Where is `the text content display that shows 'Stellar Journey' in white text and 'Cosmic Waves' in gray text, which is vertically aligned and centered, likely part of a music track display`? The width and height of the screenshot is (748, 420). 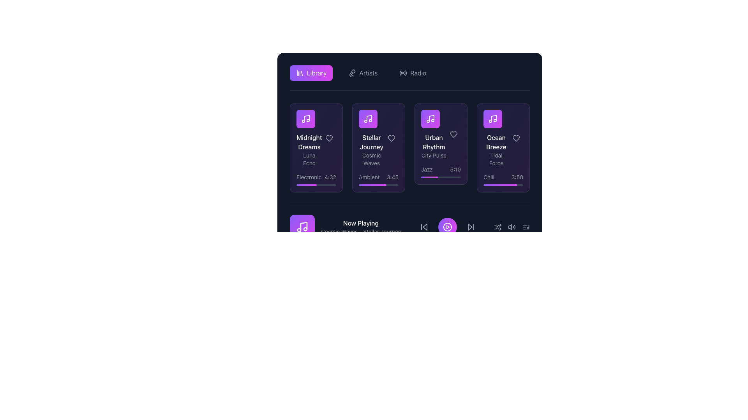 the text content display that shows 'Stellar Journey' in white text and 'Cosmic Waves' in gray text, which is vertically aligned and centered, likely part of a music track display is located at coordinates (378, 138).